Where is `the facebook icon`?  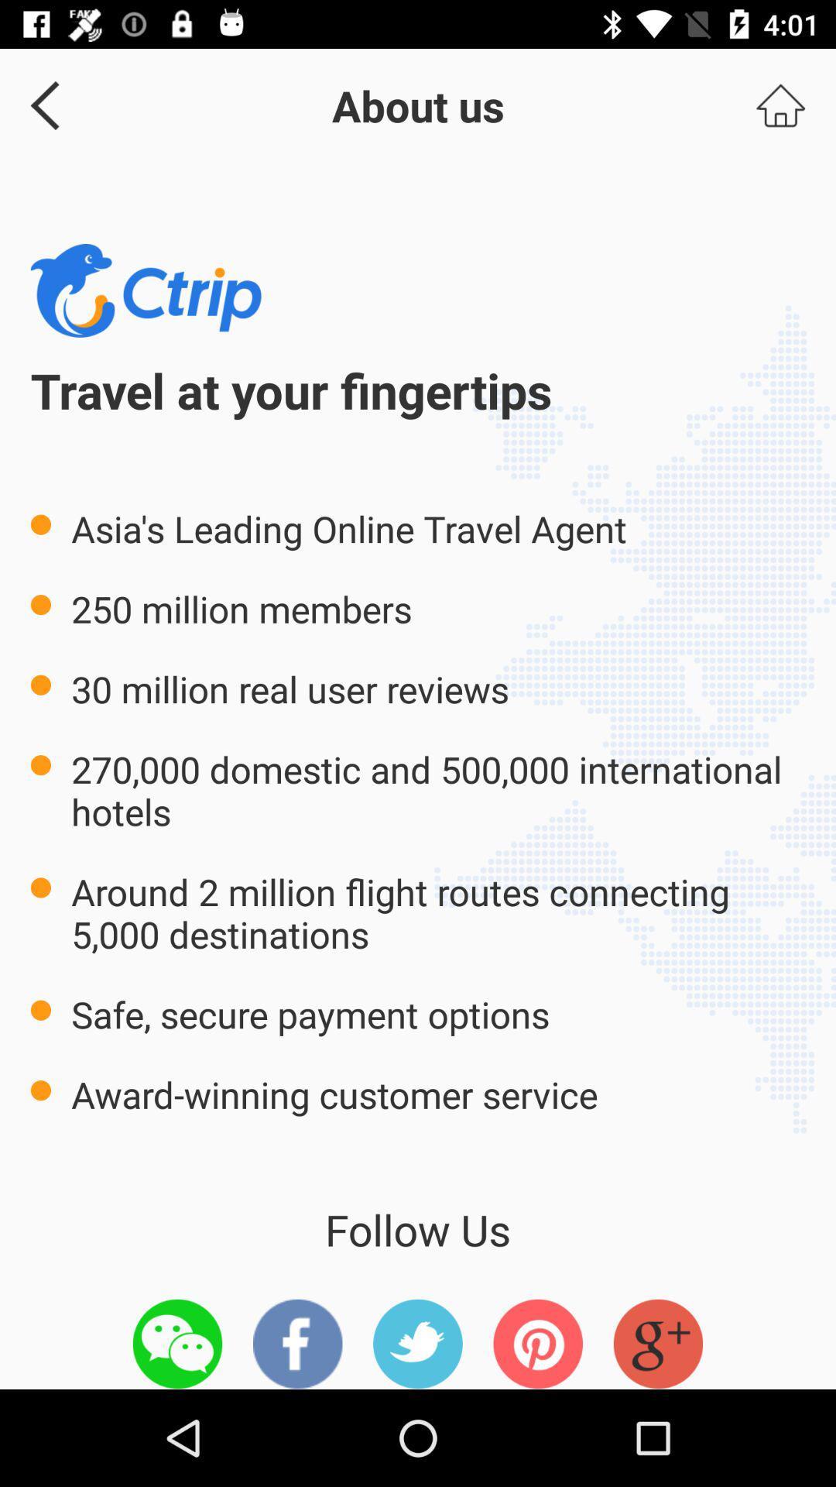 the facebook icon is located at coordinates (297, 1343).